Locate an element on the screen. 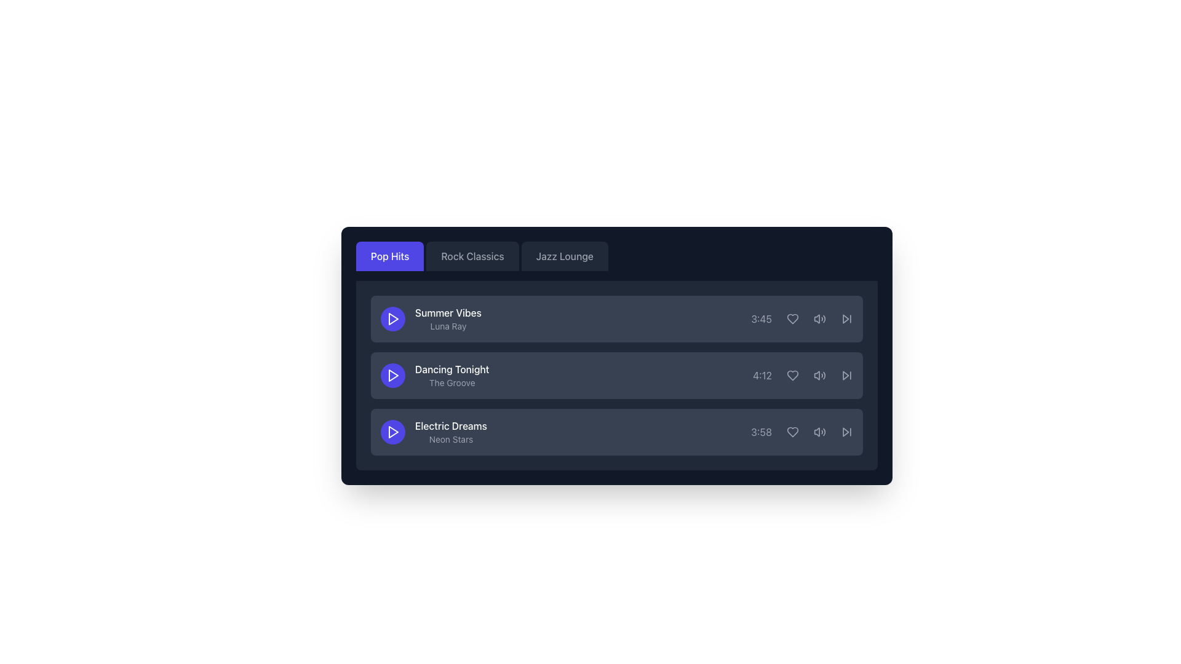 The image size is (1181, 664). the 'Pop Hits' tab button to navigate is located at coordinates (389, 255).